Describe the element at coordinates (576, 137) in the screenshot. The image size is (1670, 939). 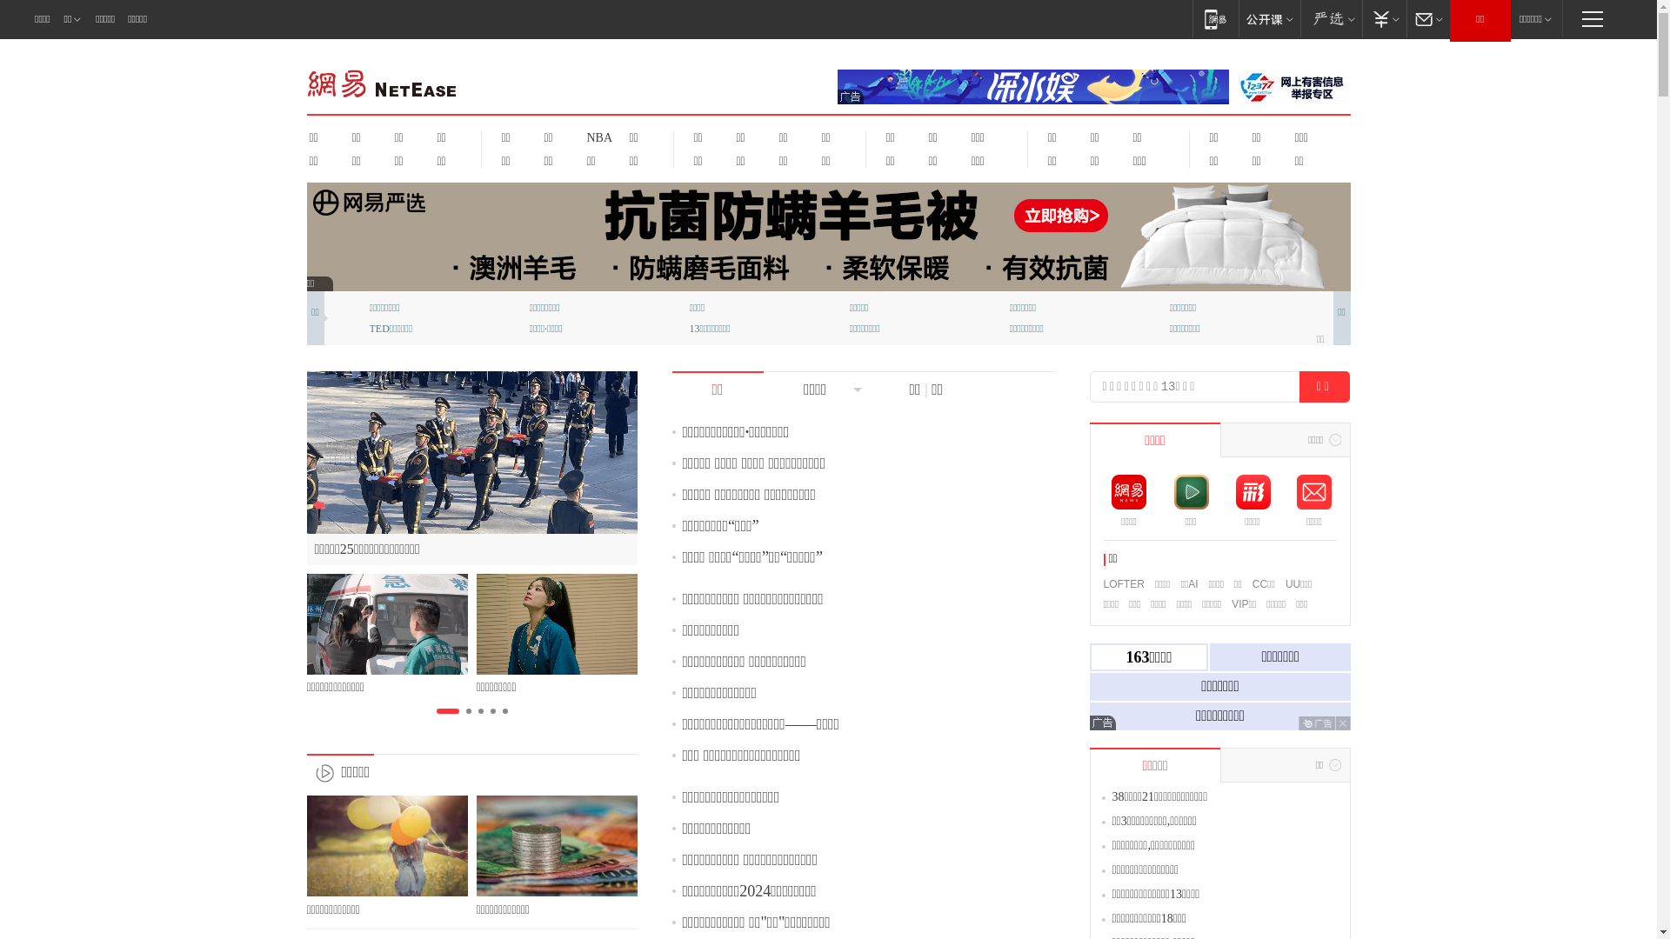
I see `'NBA'` at that location.